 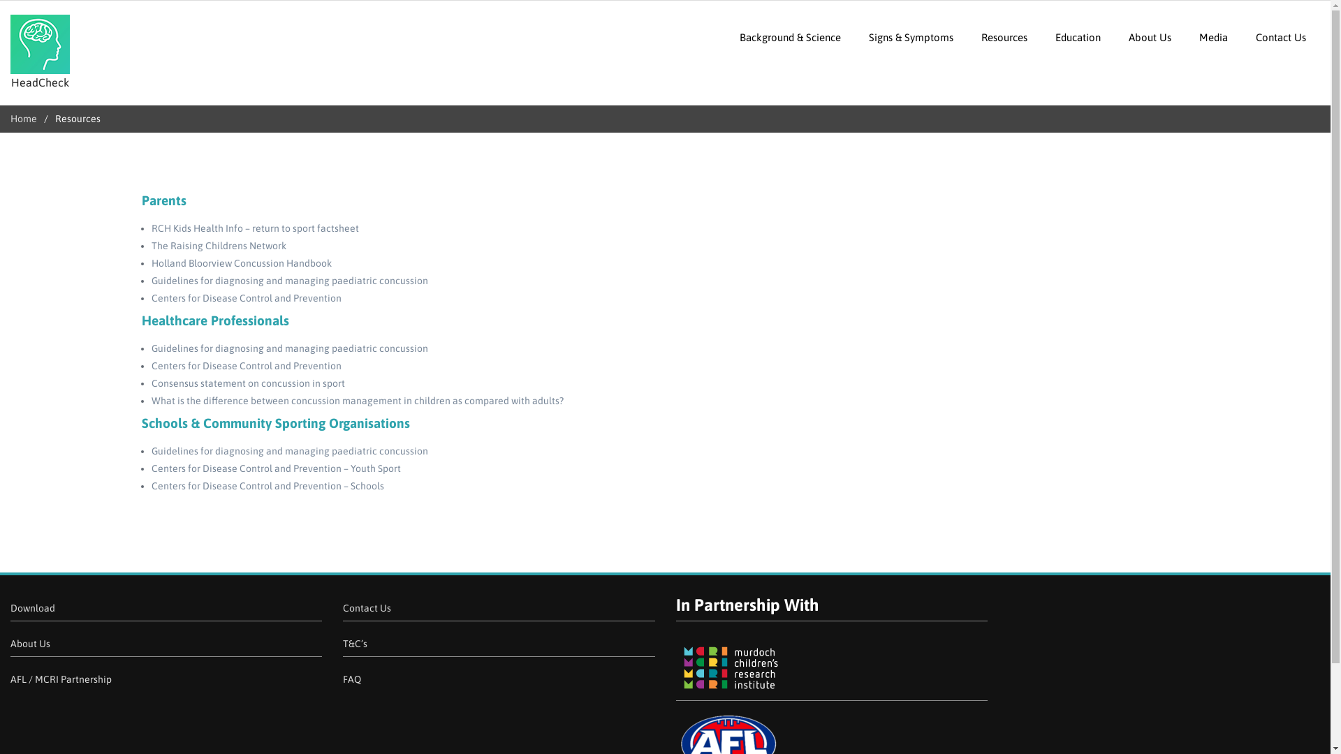 I want to click on 'Background & Science', so click(x=790, y=36).